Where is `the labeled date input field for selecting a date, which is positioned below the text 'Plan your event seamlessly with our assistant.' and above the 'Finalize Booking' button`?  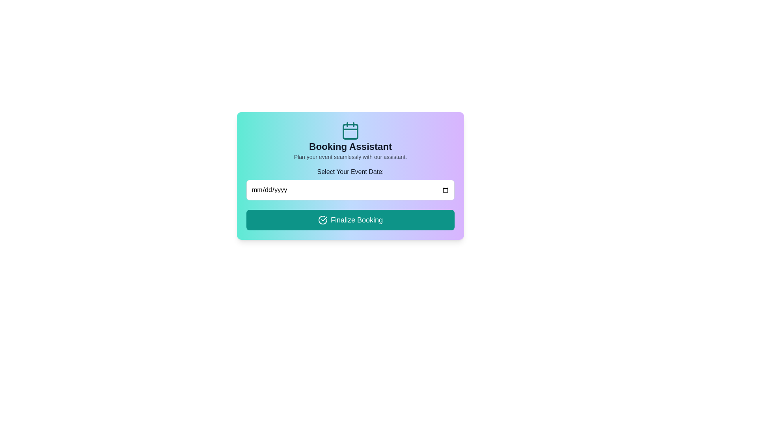 the labeled date input field for selecting a date, which is positioned below the text 'Plan your event seamlessly with our assistant.' and above the 'Finalize Booking' button is located at coordinates (350, 184).